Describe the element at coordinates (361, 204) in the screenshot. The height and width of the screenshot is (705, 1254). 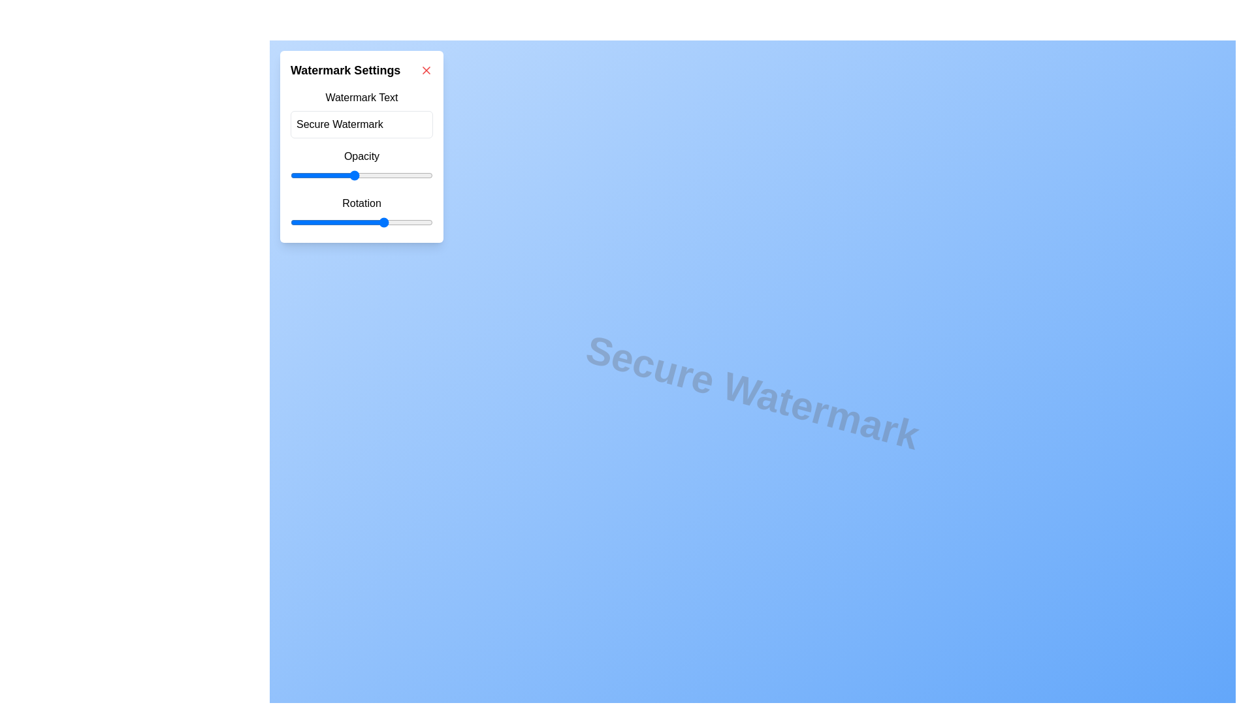
I see `the 'Rotation' text label located in the small settings panel, which is styled in medium font weight and positioned directly below the 'Opacity' label` at that location.